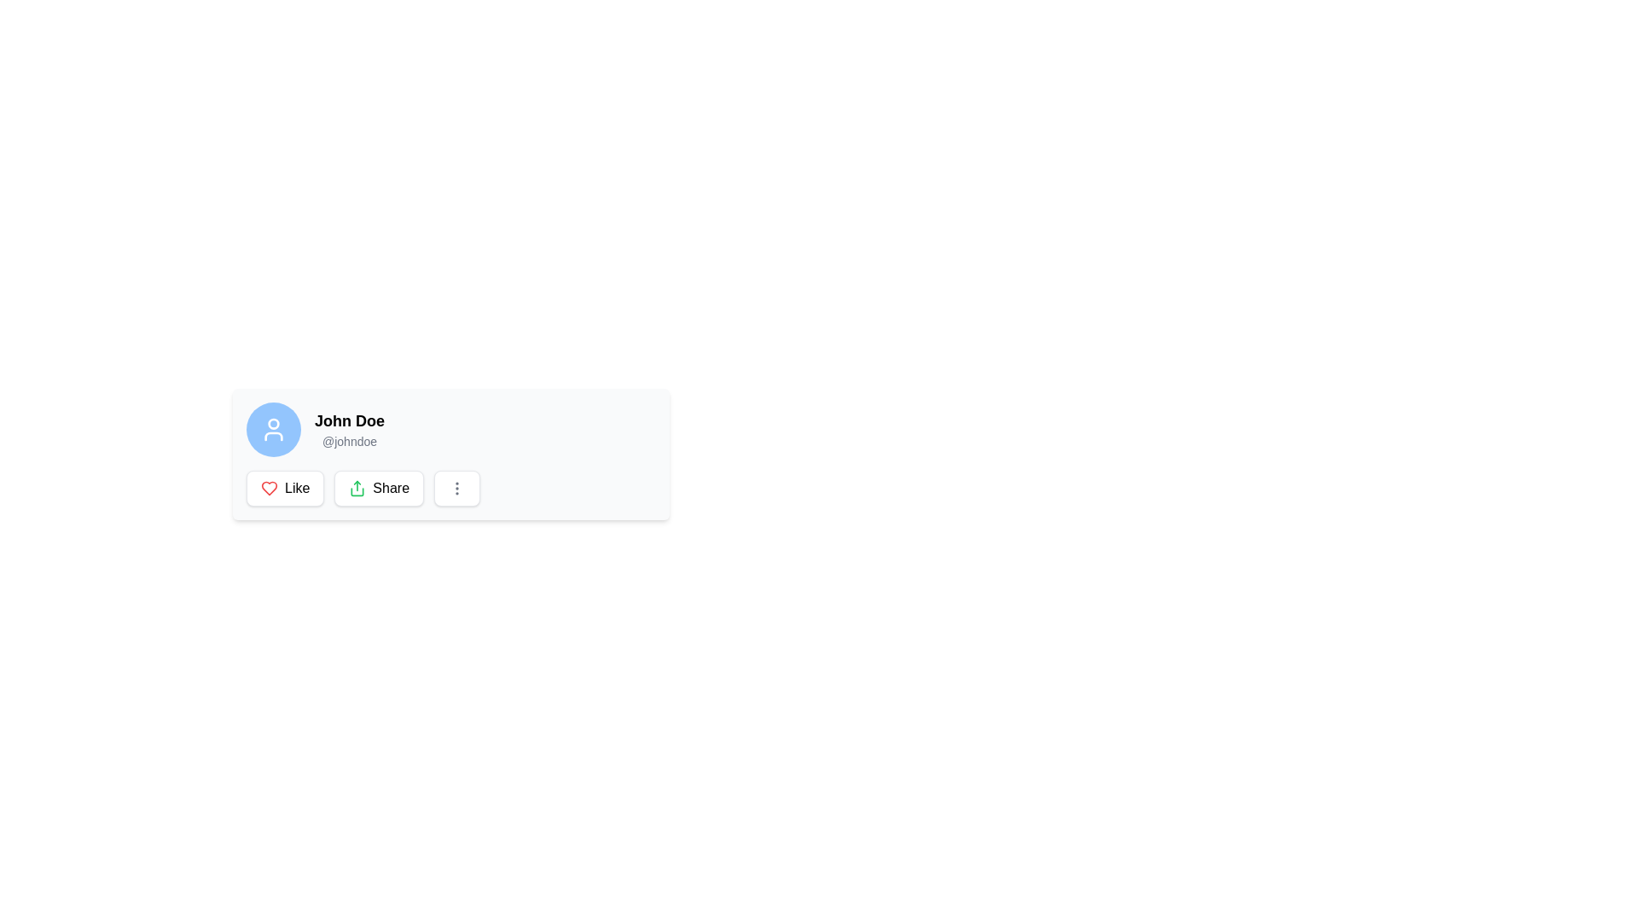 Image resolution: width=1638 pixels, height=921 pixels. I want to click on the 'share' action icon, which is a minimalist green arrow pointing upwards, located at the bottom center of the card layout, to the left of the 'Share' text, so click(357, 489).